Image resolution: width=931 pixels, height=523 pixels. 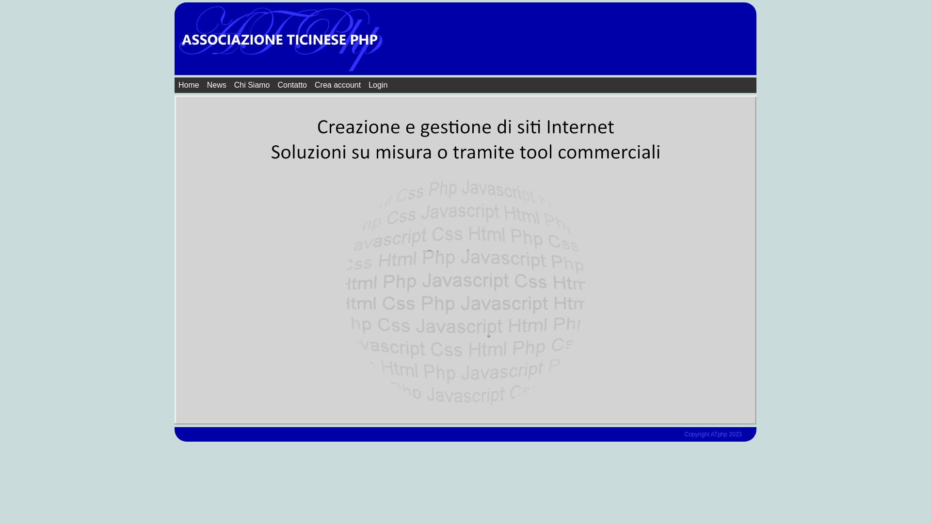 What do you see at coordinates (337, 85) in the screenshot?
I see `'Crea account'` at bounding box center [337, 85].